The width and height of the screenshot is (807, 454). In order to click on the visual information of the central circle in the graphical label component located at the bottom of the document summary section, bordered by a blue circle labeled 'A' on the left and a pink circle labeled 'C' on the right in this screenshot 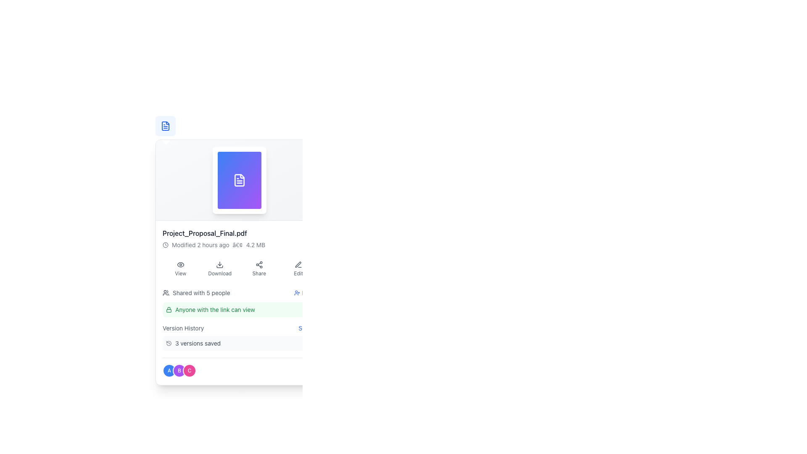, I will do `click(179, 370)`.